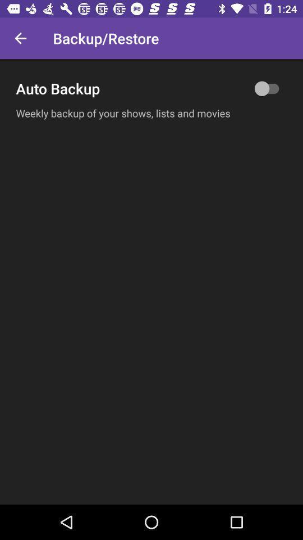 The height and width of the screenshot is (540, 303). What do you see at coordinates (151, 88) in the screenshot?
I see `the auto backup icon` at bounding box center [151, 88].